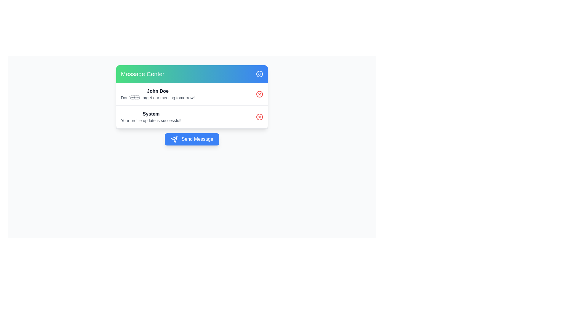 The width and height of the screenshot is (569, 320). Describe the element at coordinates (259, 117) in the screenshot. I see `the red dismiss icon (SVG) located at the bottom-right portion of the interface` at that location.